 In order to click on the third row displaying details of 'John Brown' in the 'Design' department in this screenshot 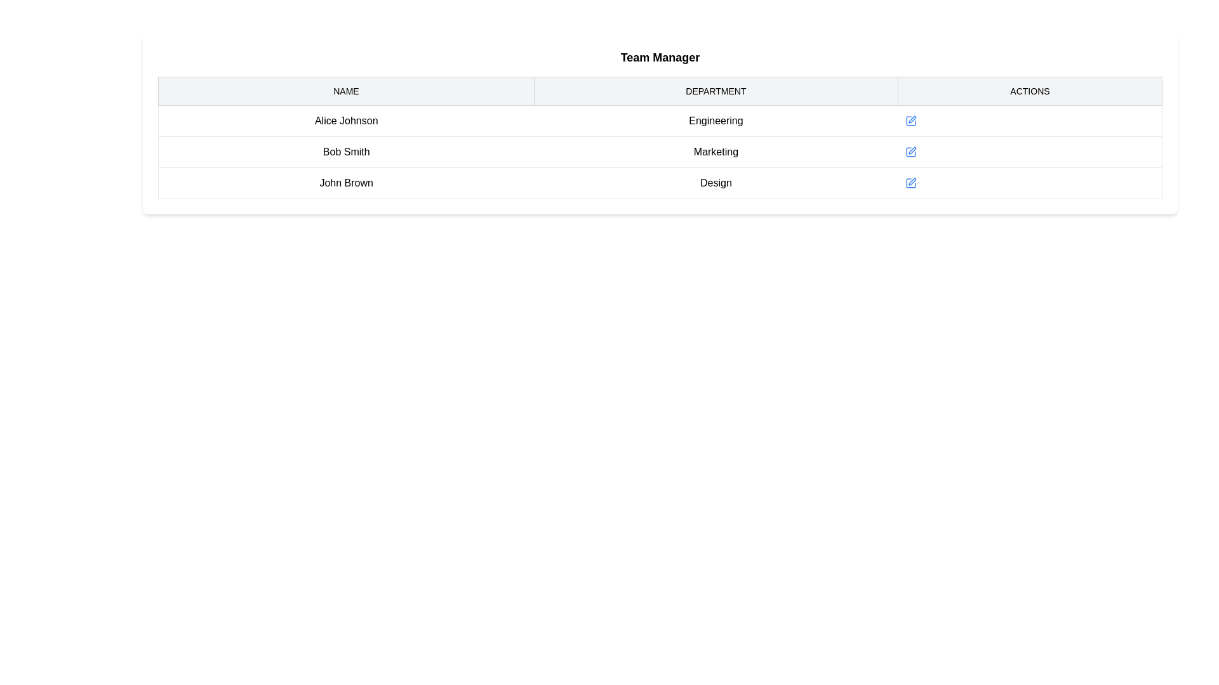, I will do `click(660, 183)`.